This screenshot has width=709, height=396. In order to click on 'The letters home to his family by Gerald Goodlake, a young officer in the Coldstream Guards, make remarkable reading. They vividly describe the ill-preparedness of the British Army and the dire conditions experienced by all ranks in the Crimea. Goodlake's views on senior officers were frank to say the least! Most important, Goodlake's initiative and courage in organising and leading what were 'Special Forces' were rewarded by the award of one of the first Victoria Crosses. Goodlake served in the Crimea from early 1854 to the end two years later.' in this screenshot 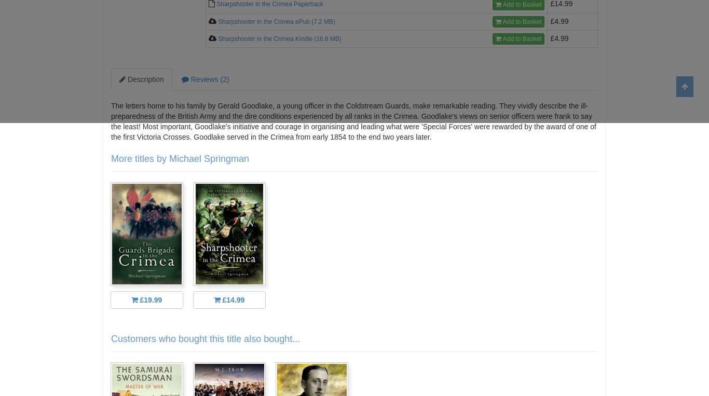, I will do `click(352, 121)`.